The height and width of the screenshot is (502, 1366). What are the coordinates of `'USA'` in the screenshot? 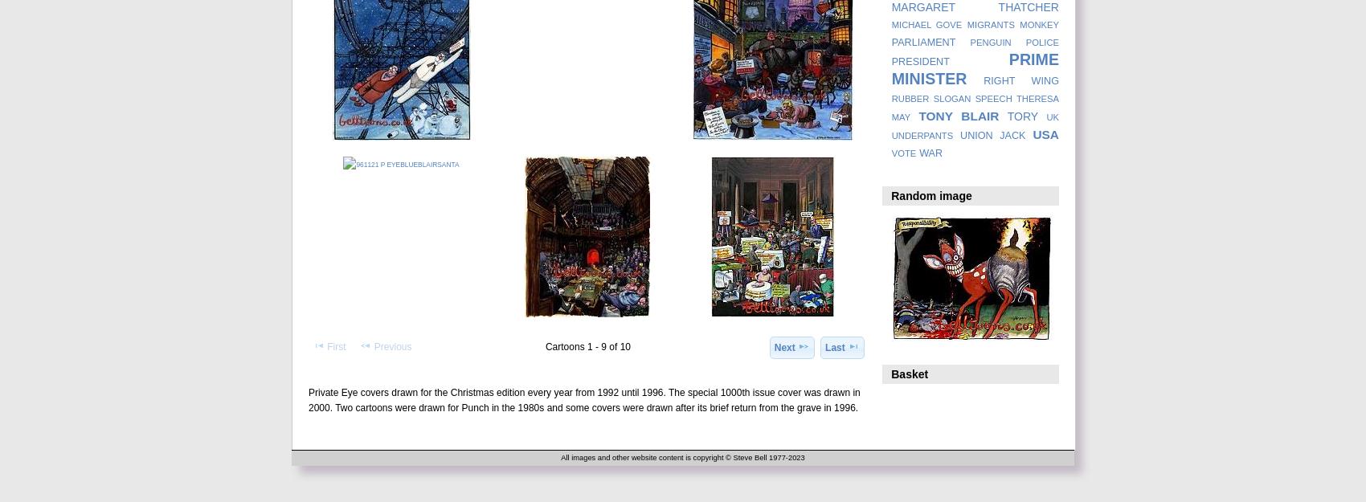 It's located at (1045, 133).